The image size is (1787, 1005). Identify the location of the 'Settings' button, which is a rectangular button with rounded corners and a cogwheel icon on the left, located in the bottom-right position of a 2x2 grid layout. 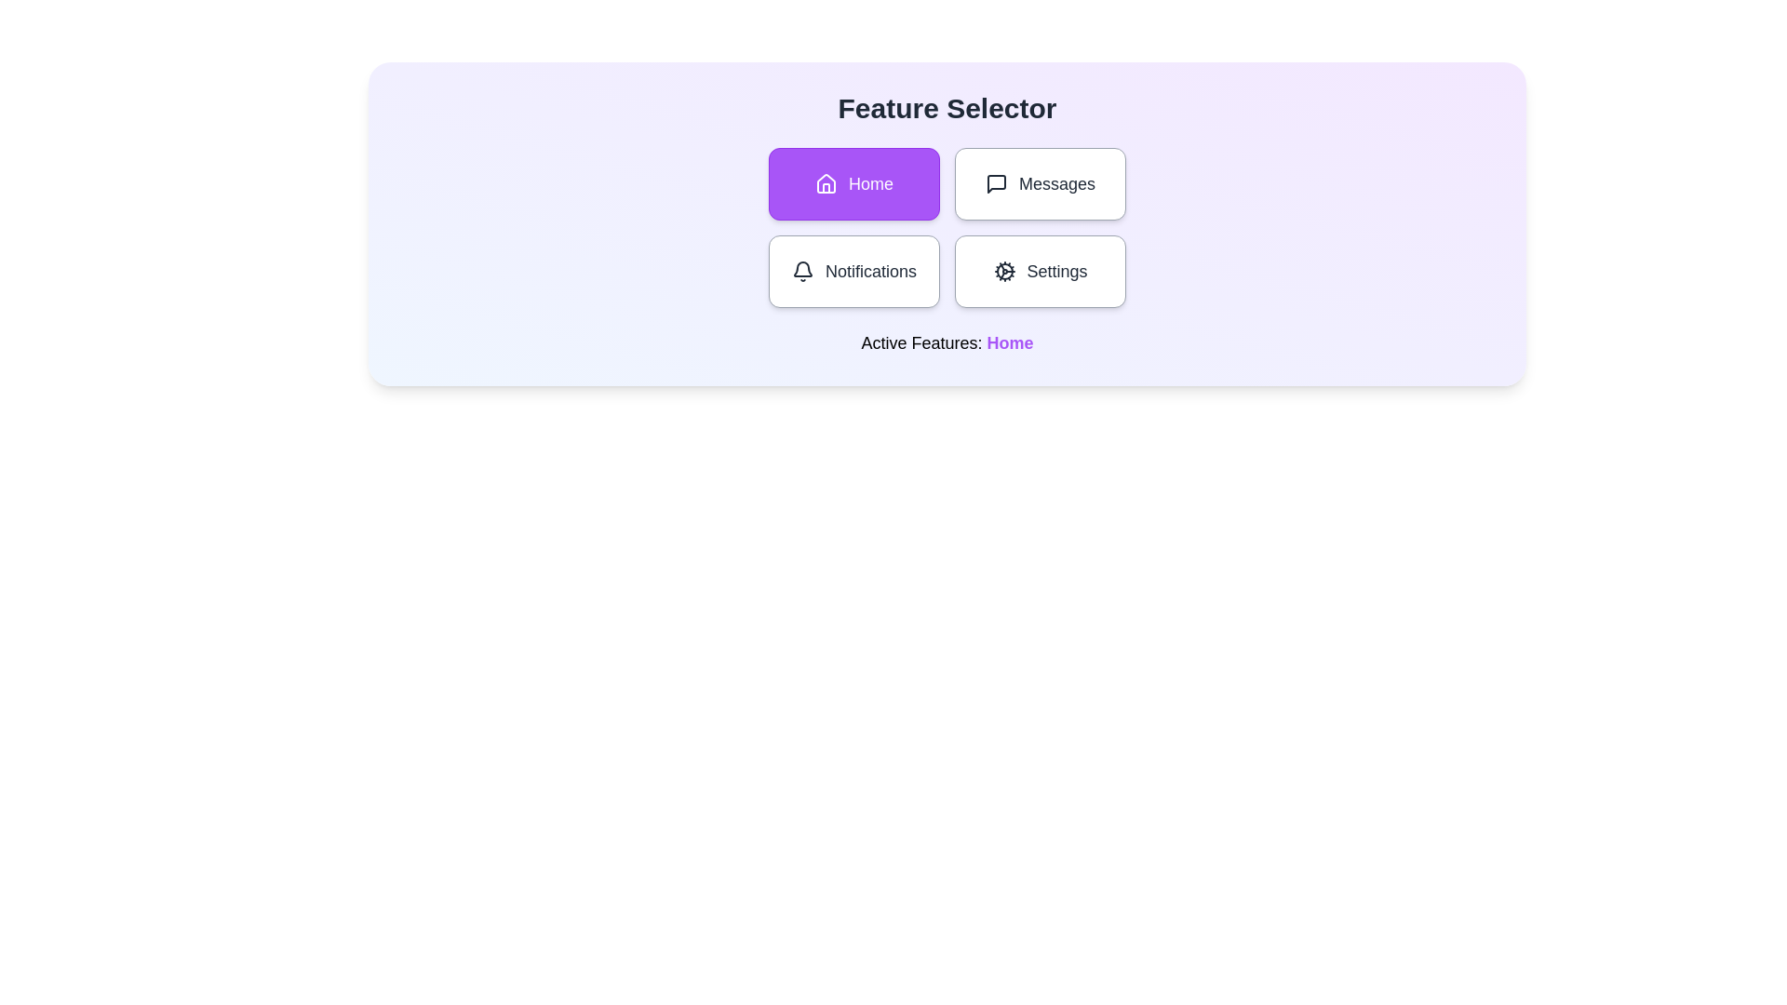
(1040, 272).